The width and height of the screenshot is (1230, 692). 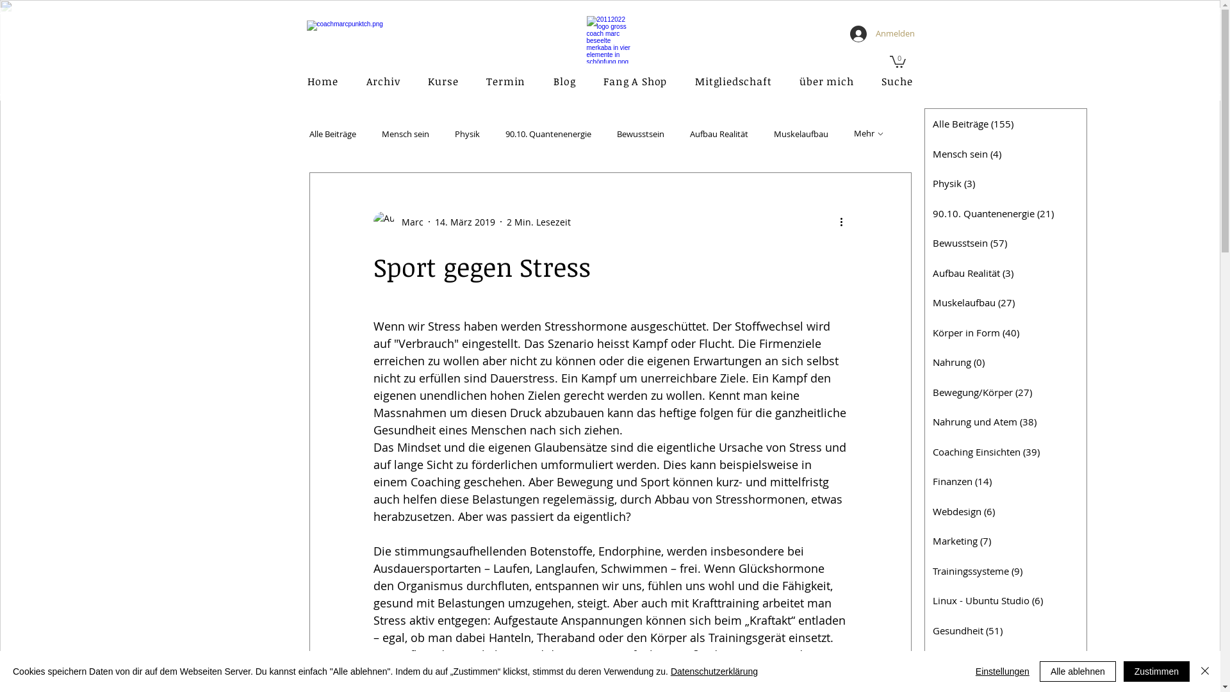 What do you see at coordinates (1004, 629) in the screenshot?
I see `'Gesundheit (51)'` at bounding box center [1004, 629].